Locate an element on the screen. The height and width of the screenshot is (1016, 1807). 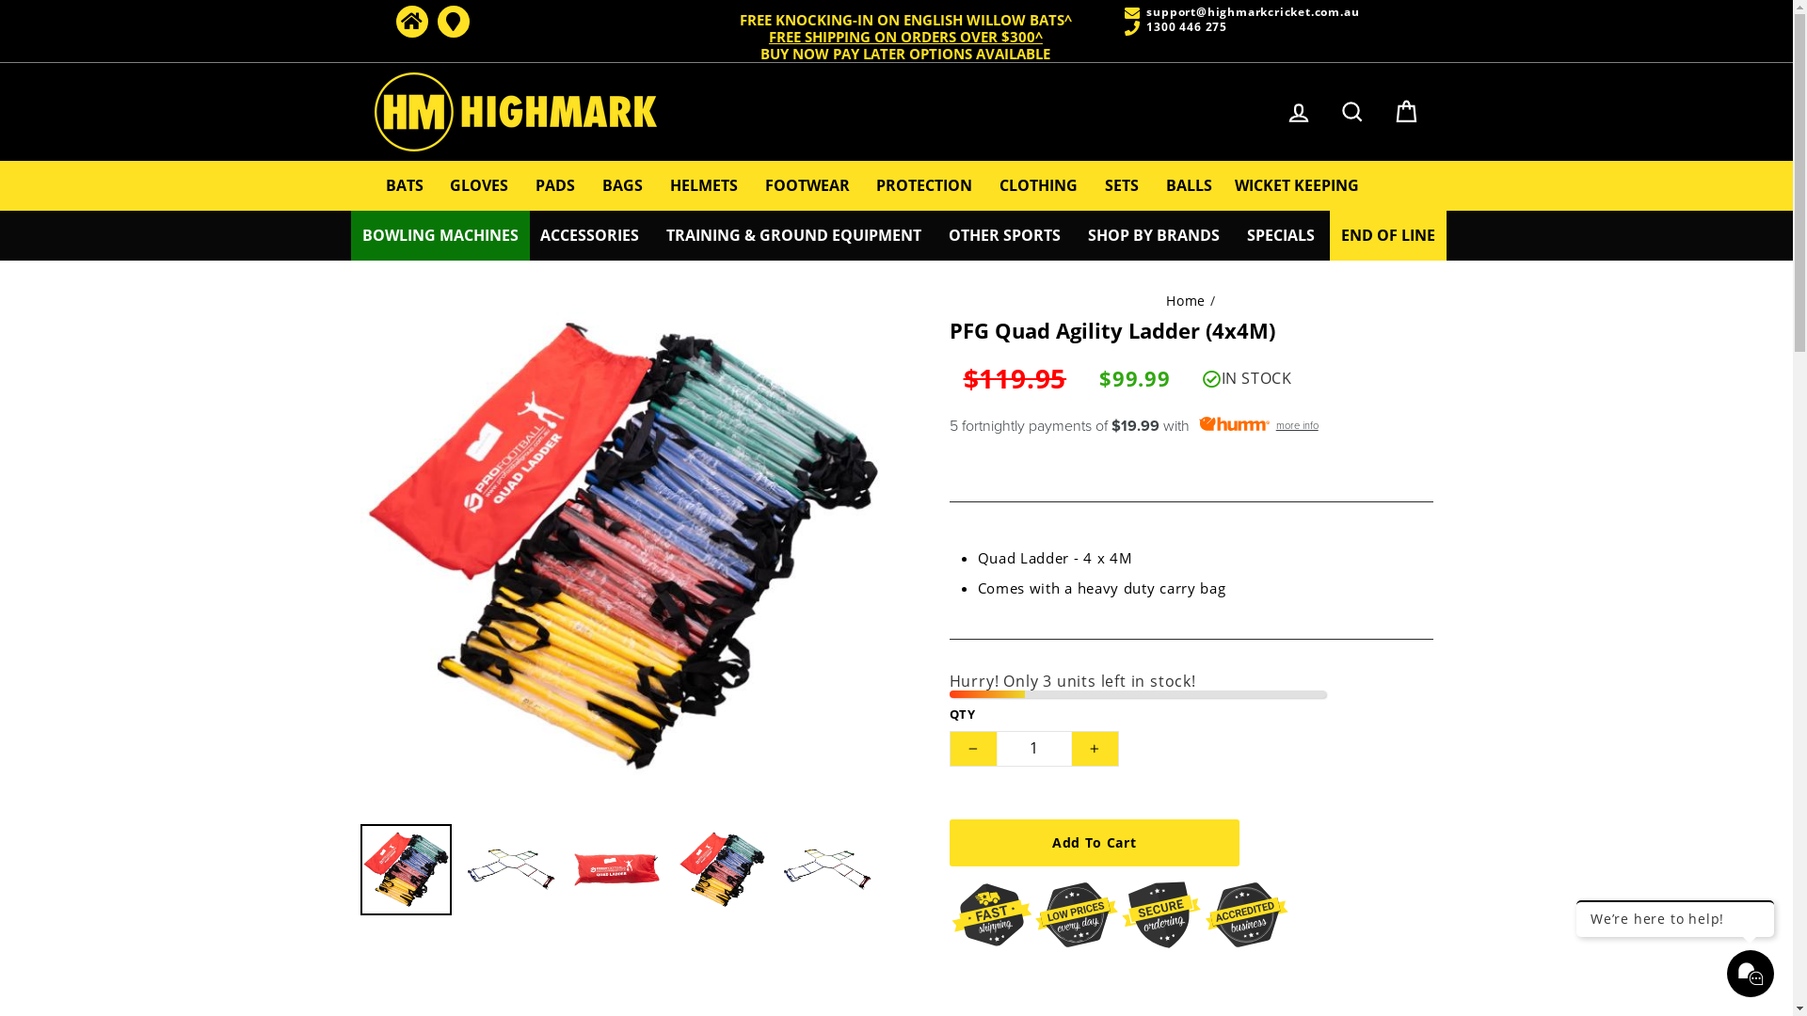
'FOOTWEAR' is located at coordinates (808, 185).